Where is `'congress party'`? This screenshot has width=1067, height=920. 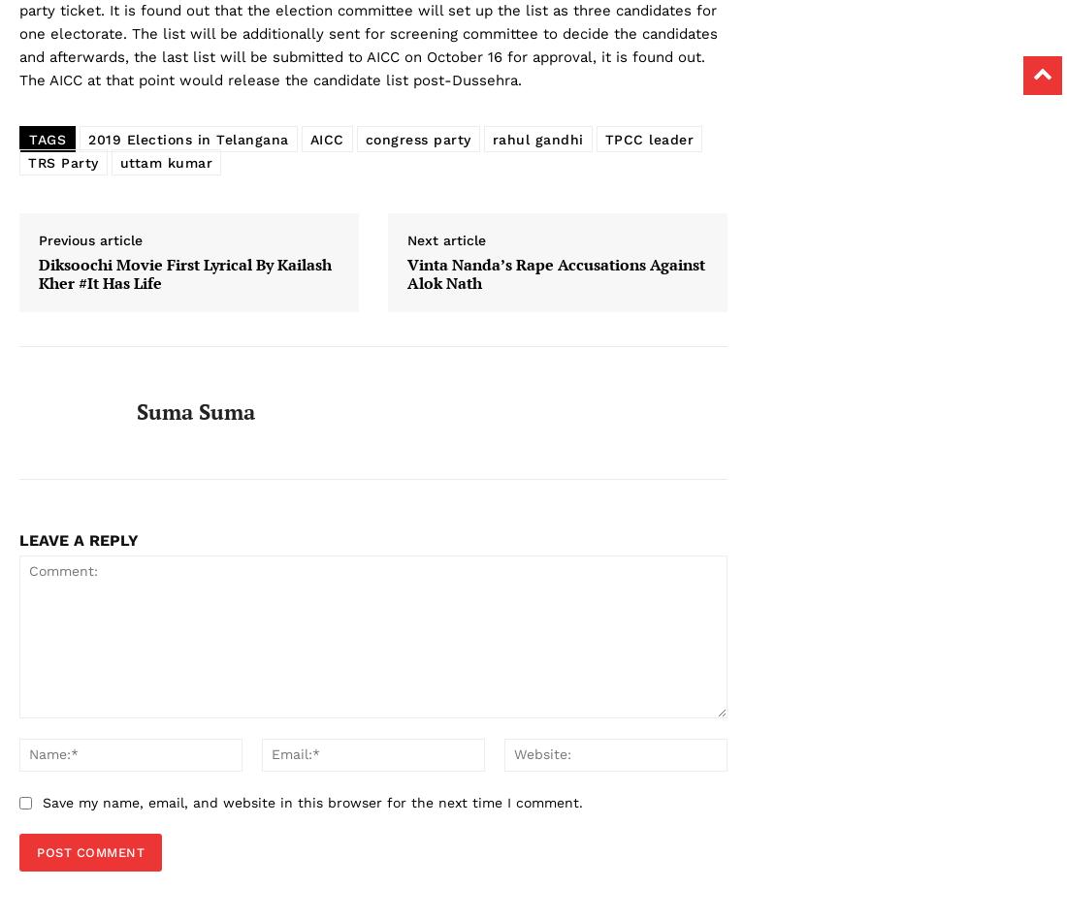 'congress party' is located at coordinates (416, 139).